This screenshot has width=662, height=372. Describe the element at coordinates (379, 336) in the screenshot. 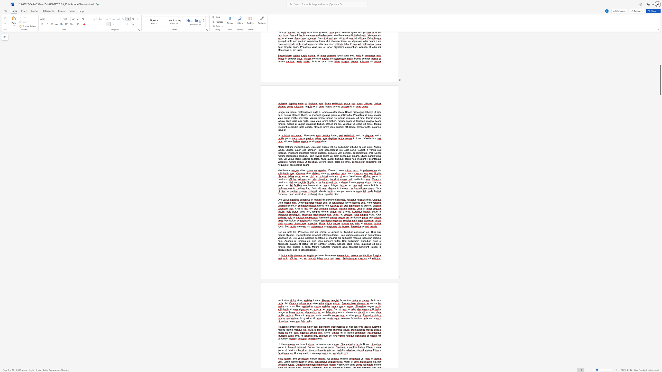

I see `the space between the continuous character "d" and "i" in the text` at that location.